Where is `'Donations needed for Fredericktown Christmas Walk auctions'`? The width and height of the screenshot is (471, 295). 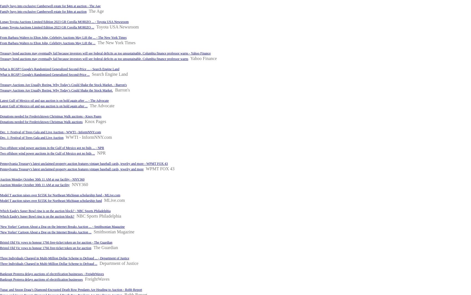
'Donations needed for Fredericktown Christmas Walk auctions' is located at coordinates (41, 121).